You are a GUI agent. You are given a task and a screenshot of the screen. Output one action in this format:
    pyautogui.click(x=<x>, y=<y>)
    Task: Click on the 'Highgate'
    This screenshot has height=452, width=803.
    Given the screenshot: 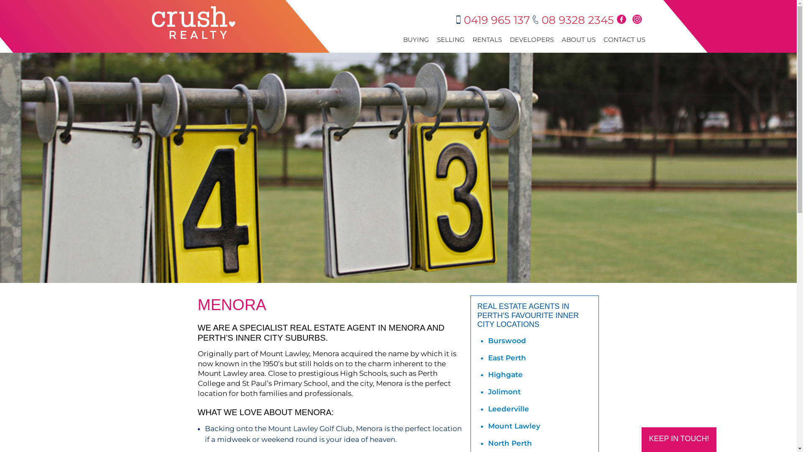 What is the action you would take?
    pyautogui.click(x=505, y=374)
    